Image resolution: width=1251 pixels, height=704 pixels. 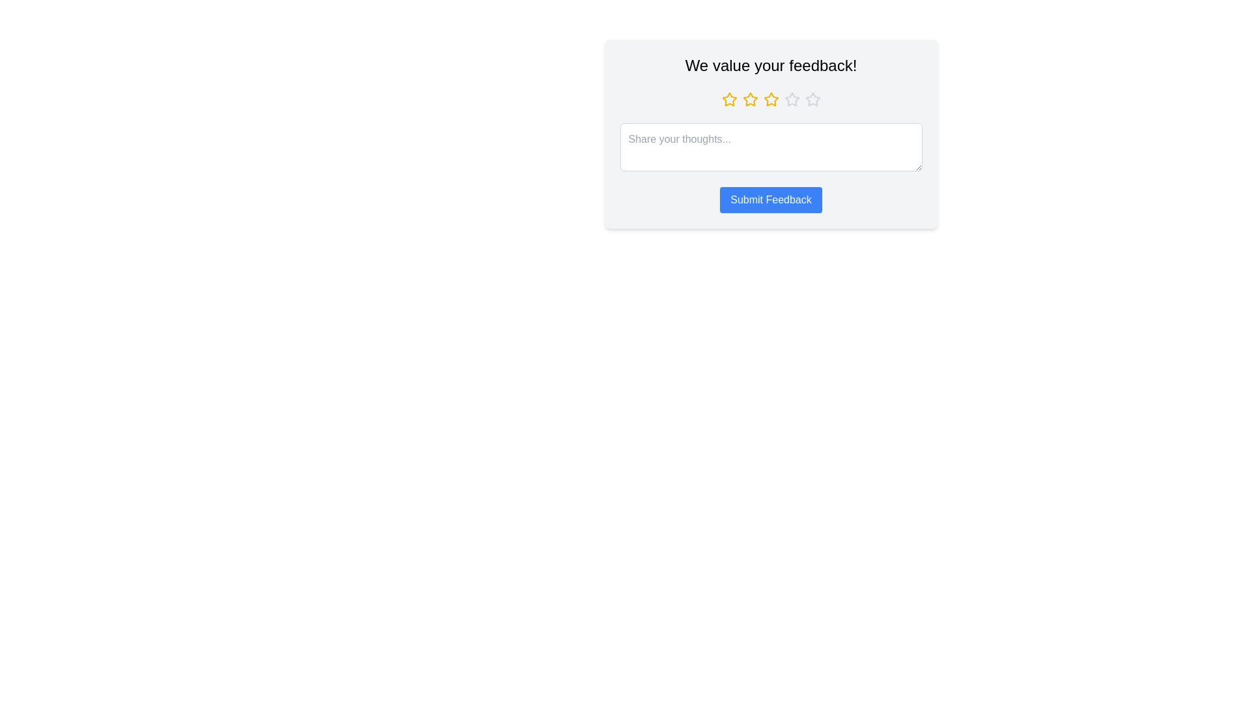 What do you see at coordinates (750, 98) in the screenshot?
I see `on the second star icon in the 5-star rating system` at bounding box center [750, 98].